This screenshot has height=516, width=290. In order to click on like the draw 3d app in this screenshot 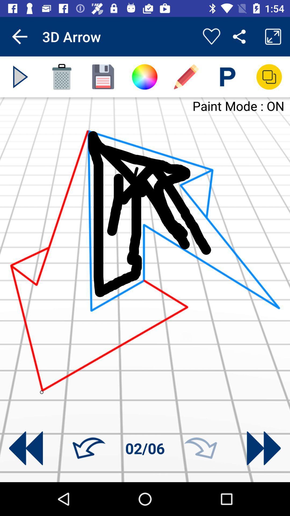, I will do `click(211, 36)`.